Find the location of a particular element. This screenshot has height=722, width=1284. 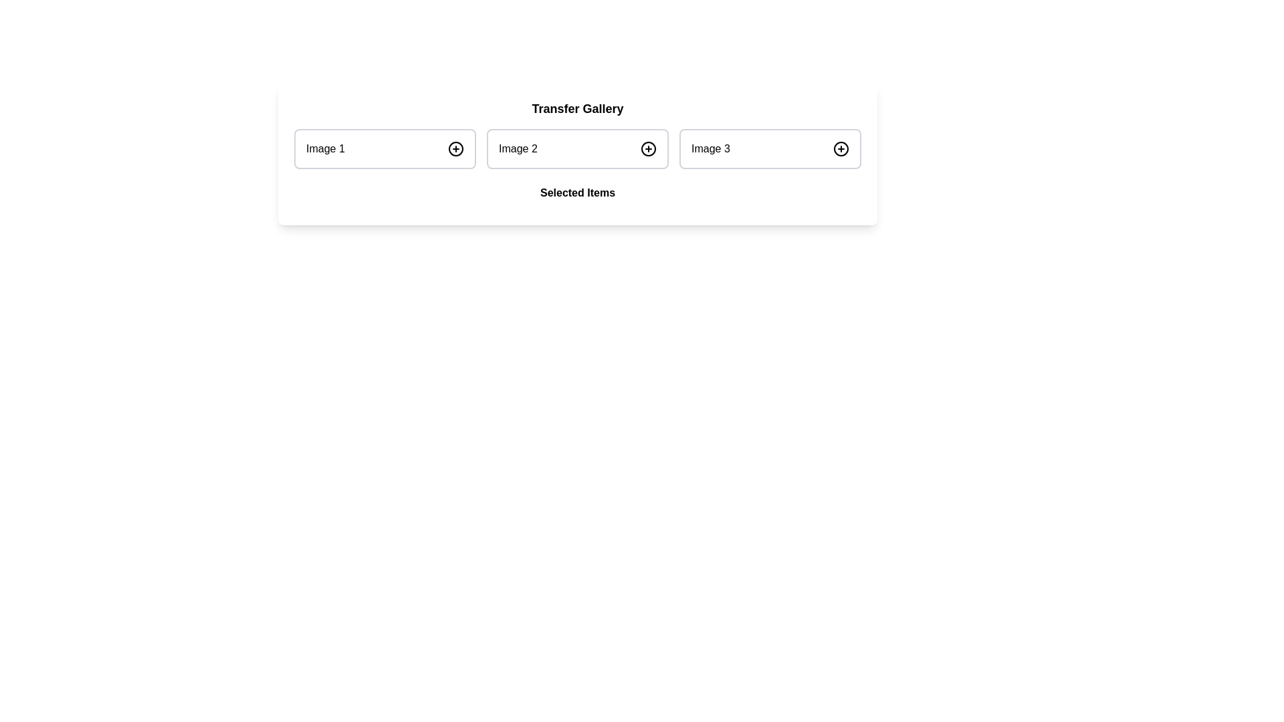

the button located to the right of the 'Image 2' label to observe the hover effects is located at coordinates (648, 149).